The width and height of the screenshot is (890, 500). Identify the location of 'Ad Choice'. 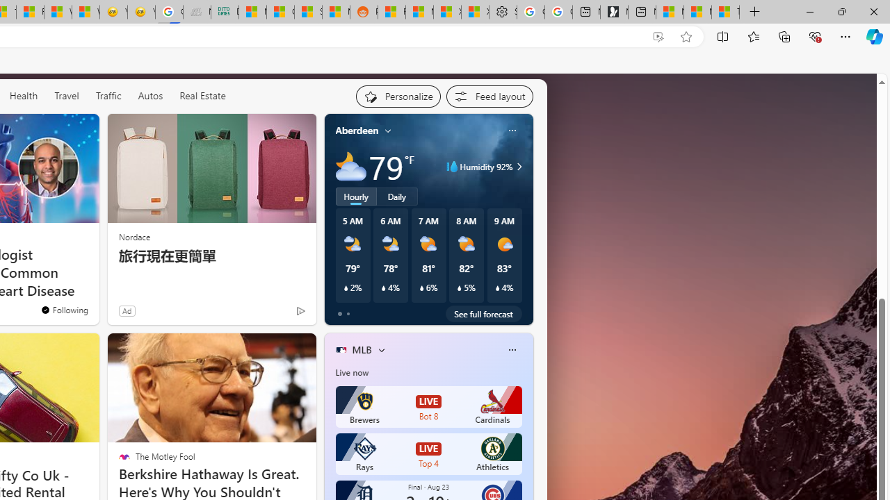
(300, 310).